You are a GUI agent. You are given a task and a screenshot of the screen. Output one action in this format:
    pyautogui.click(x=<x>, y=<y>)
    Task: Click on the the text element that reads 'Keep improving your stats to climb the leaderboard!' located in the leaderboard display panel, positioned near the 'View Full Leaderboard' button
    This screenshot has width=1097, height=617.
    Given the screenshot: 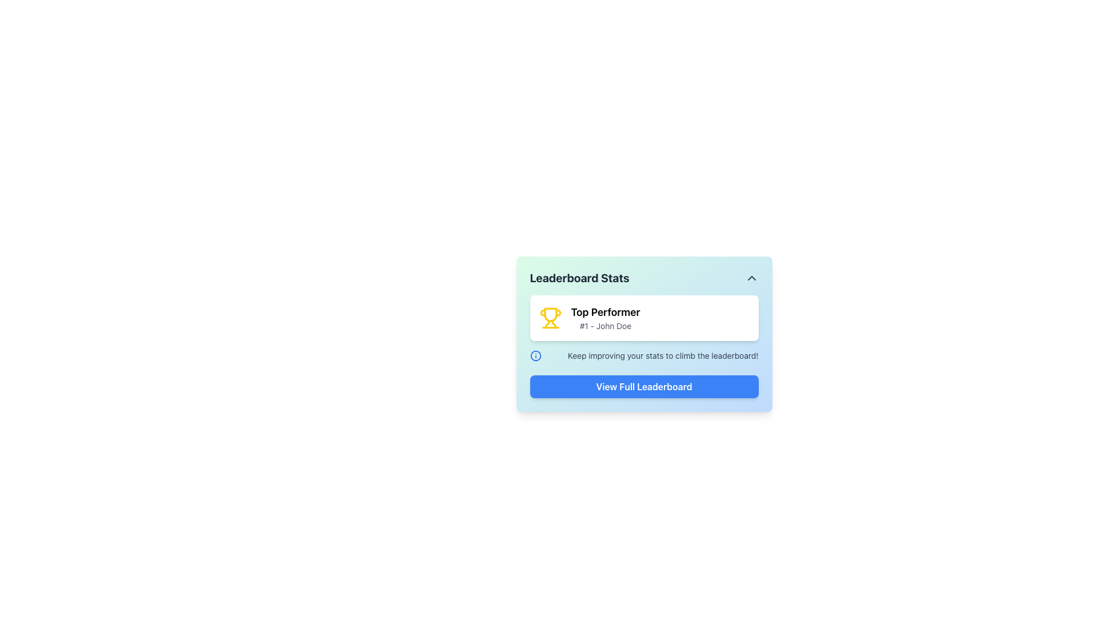 What is the action you would take?
    pyautogui.click(x=663, y=355)
    